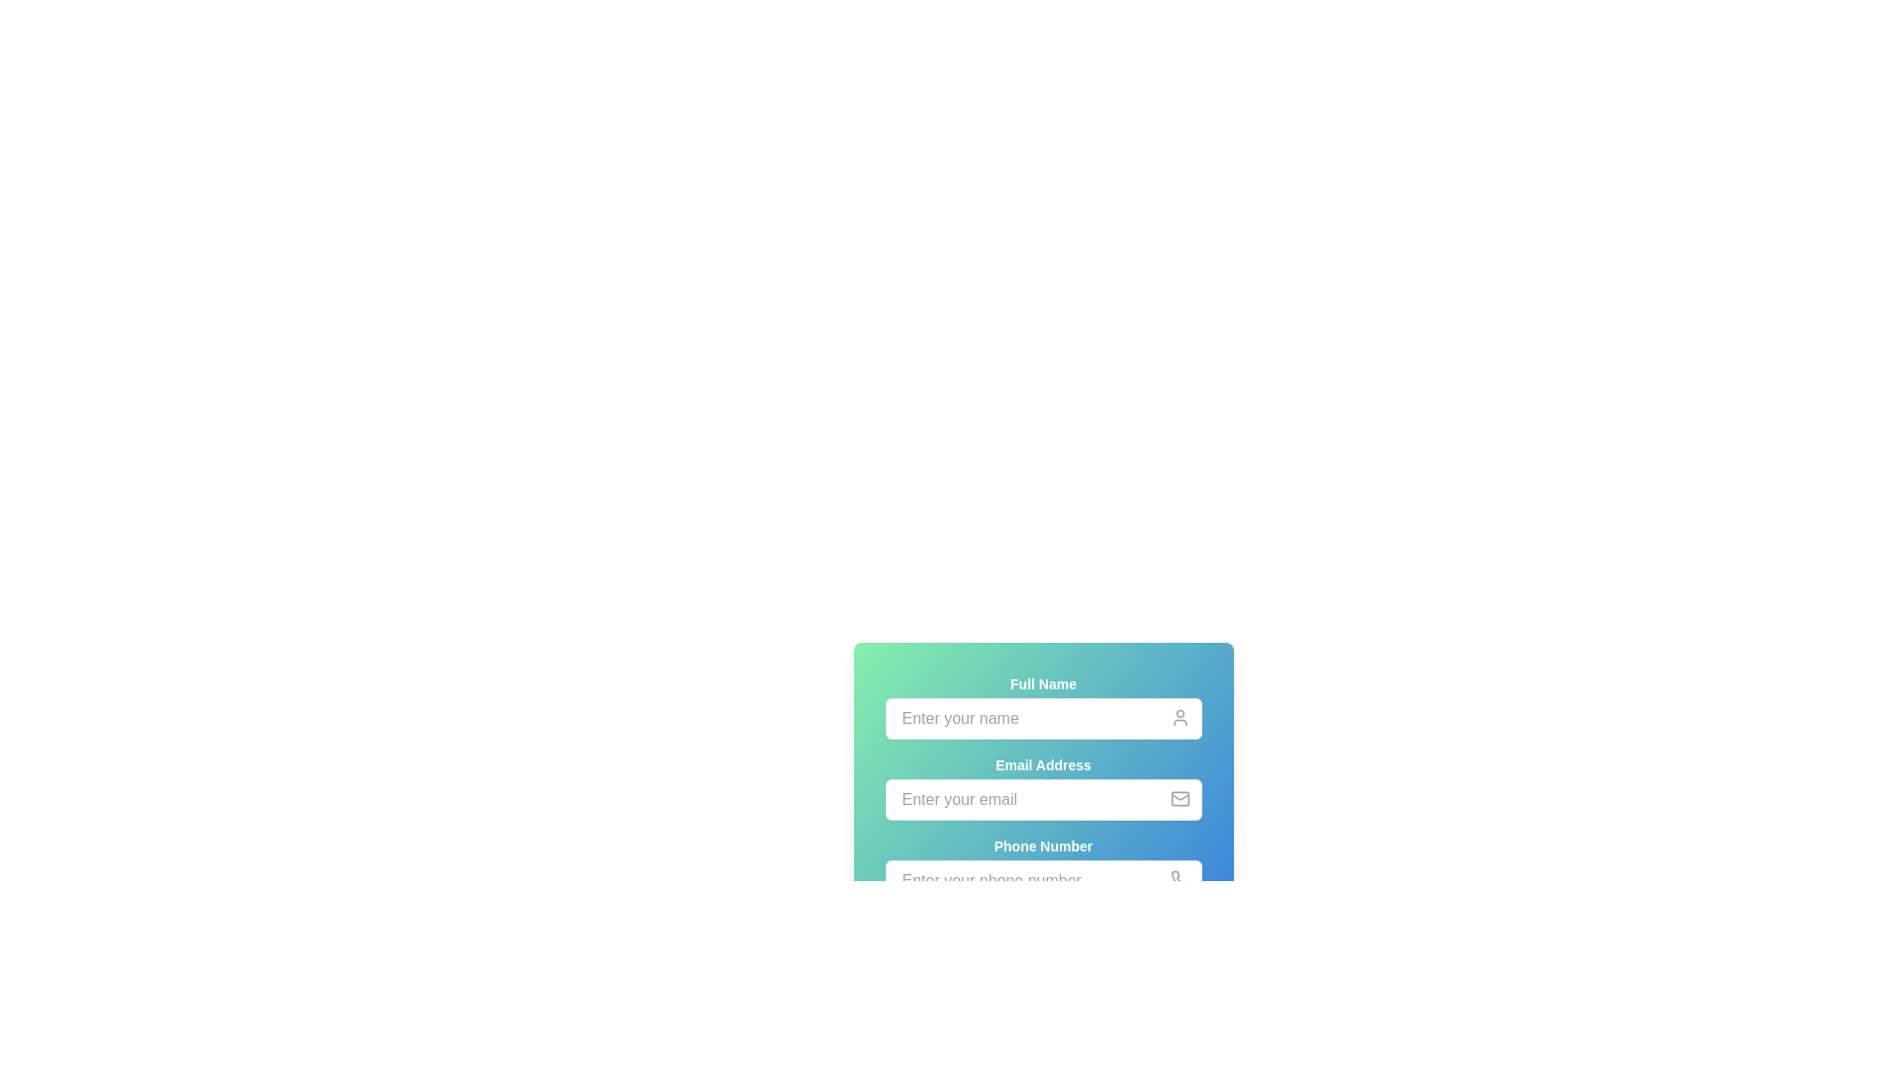  Describe the element at coordinates (1180, 878) in the screenshot. I see `the 'Phone Number' input field by clicking on the phone receiver icon located at the bottom-right corner of the input field` at that location.